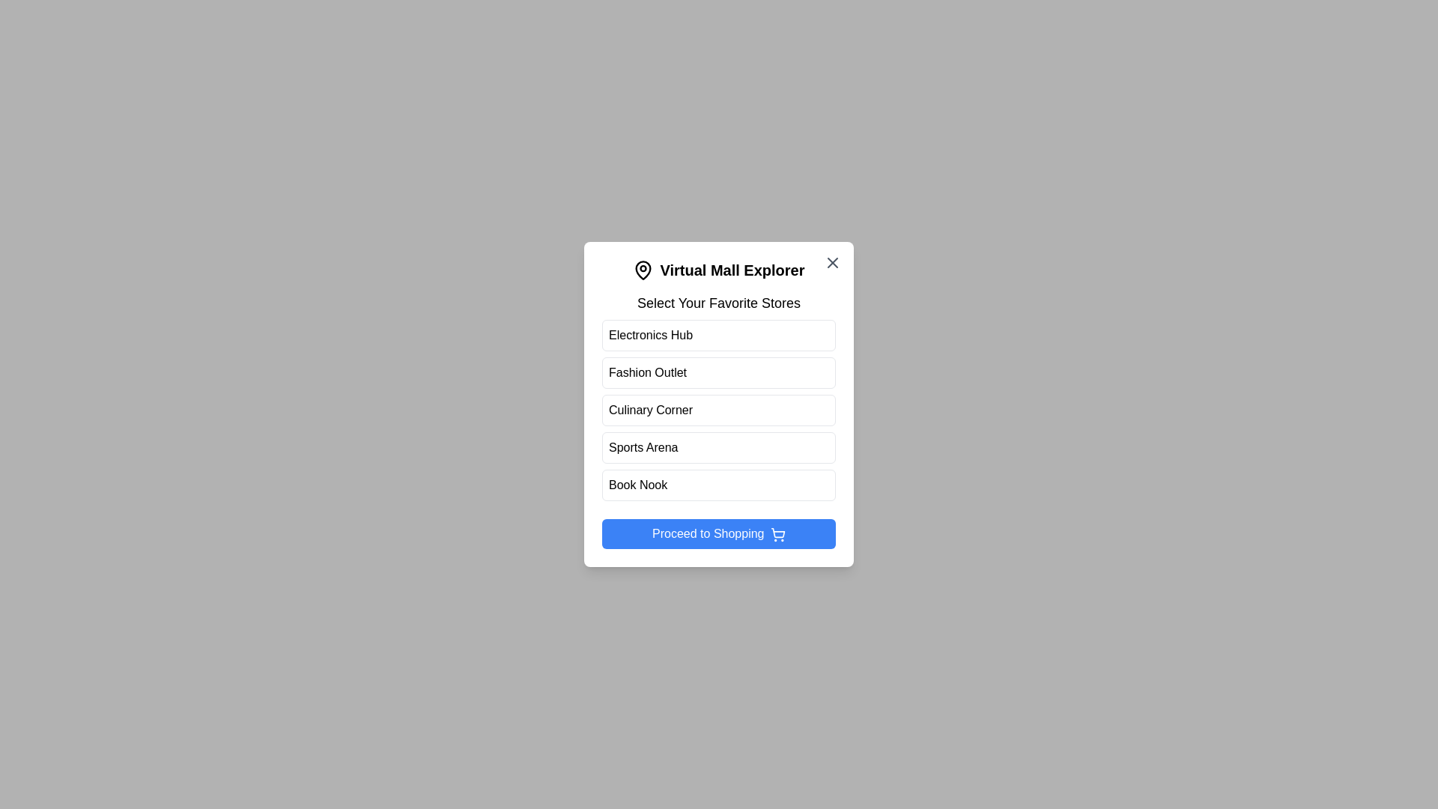 The width and height of the screenshot is (1438, 809). What do you see at coordinates (637, 485) in the screenshot?
I see `the 'Book Nook' text label, which is the fifth item` at bounding box center [637, 485].